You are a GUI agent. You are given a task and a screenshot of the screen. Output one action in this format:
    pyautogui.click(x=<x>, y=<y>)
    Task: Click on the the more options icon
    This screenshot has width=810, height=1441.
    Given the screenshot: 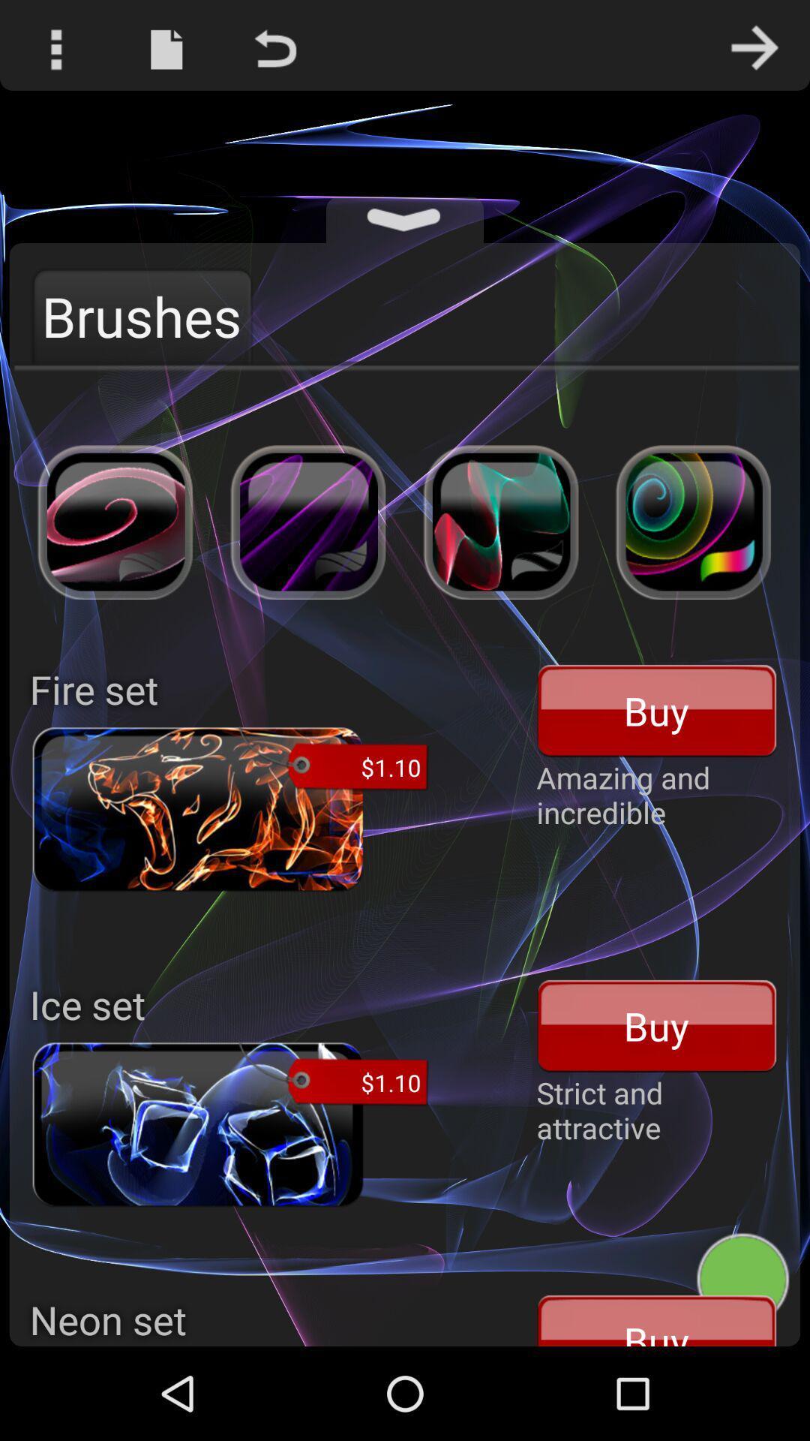 What is the action you would take?
    pyautogui.click(x=54, y=45)
    